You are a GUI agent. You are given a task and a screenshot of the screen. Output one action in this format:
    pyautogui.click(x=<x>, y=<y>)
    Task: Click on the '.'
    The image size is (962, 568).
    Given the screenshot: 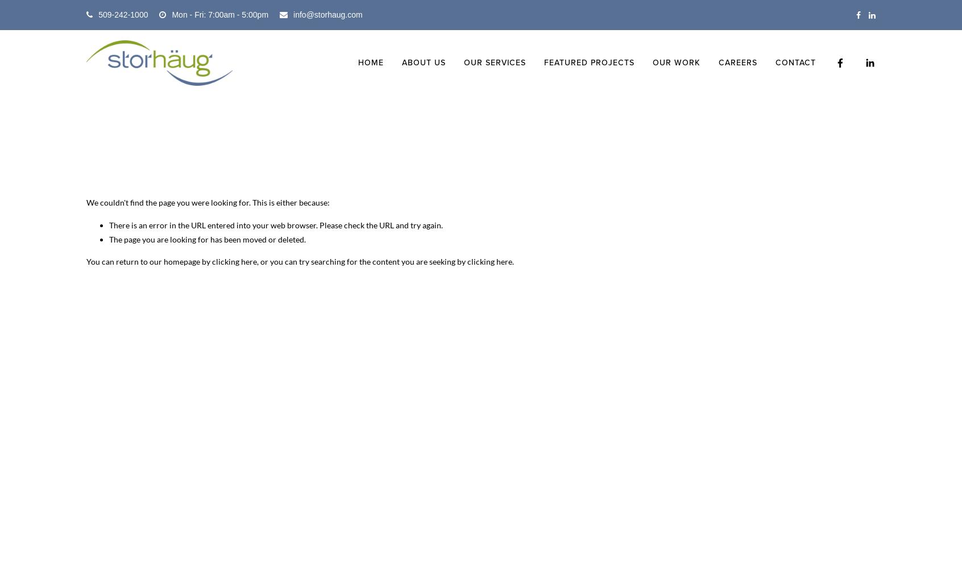 What is the action you would take?
    pyautogui.click(x=512, y=260)
    